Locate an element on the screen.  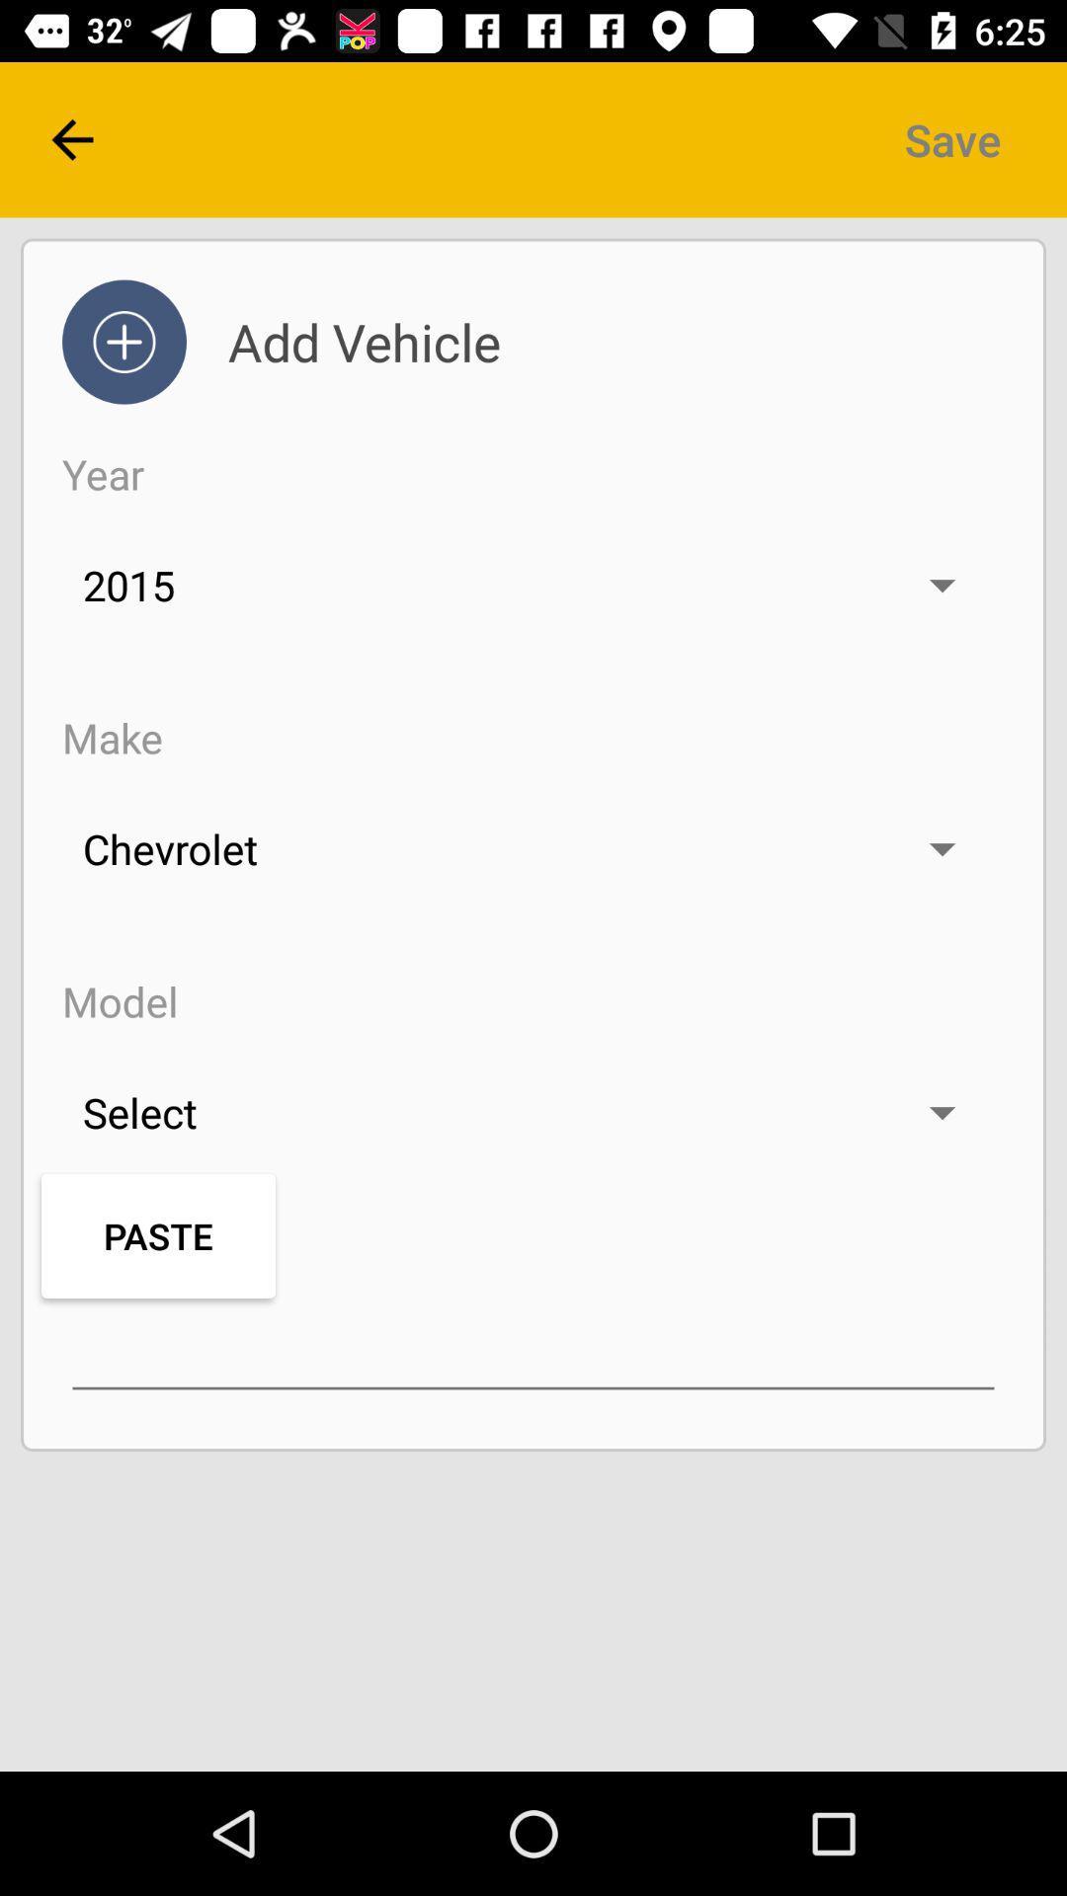
2015 which is below the text year is located at coordinates (533, 585).